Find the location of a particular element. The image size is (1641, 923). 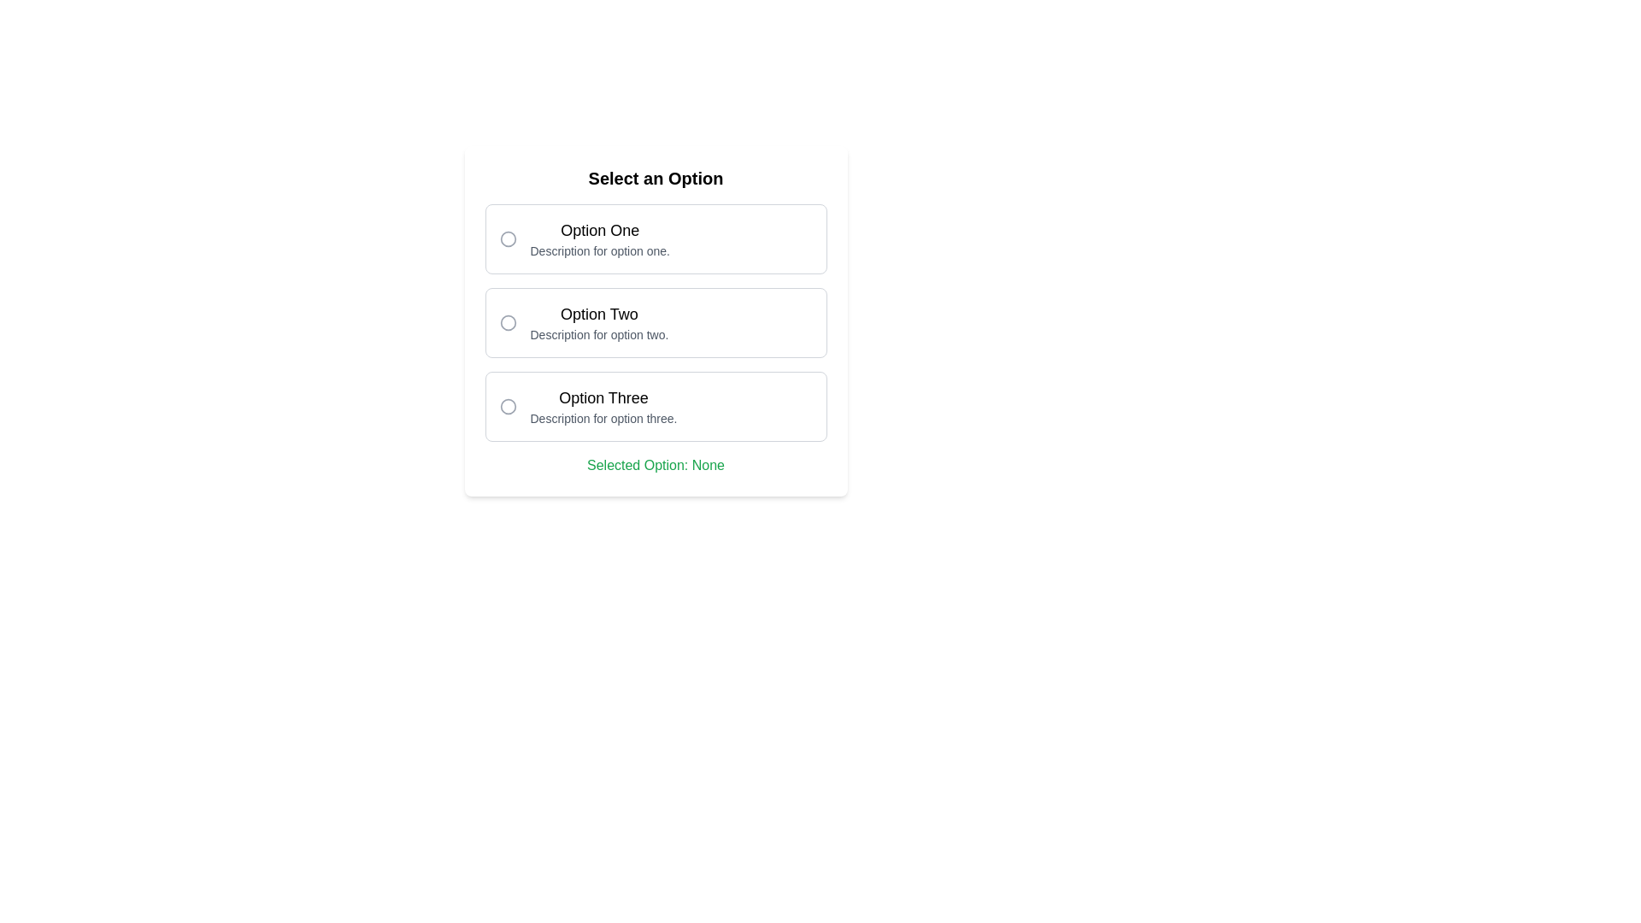

the Radio Button Indicator located to the left of the 'Option One' text in the 'Select an Option' list is located at coordinates (507, 239).